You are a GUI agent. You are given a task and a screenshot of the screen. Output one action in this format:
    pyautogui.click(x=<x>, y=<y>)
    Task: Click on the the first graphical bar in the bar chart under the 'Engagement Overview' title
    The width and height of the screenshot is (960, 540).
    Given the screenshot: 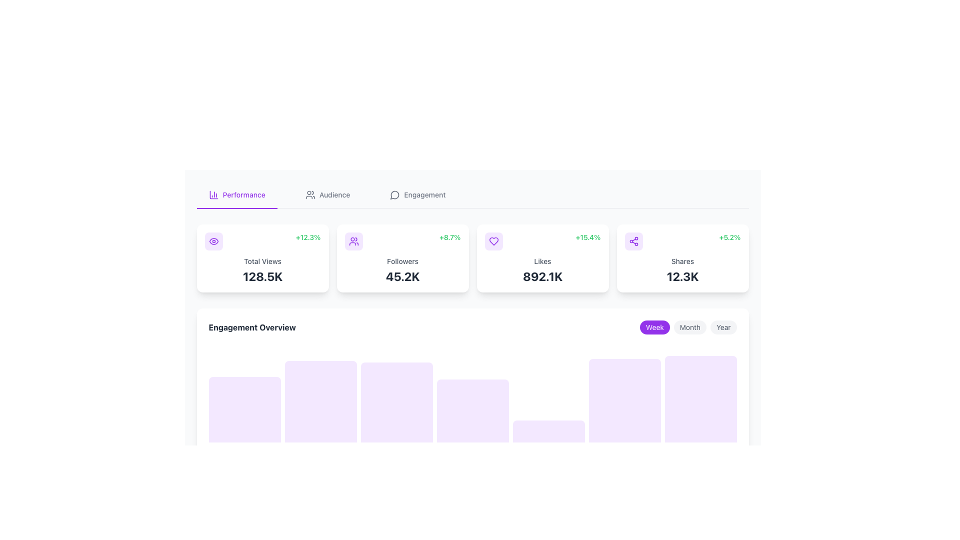 What is the action you would take?
    pyautogui.click(x=244, y=409)
    